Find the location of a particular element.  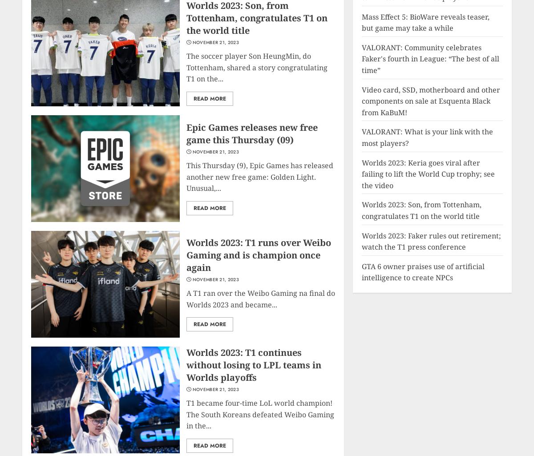

'Worlds 2023: T1 continues without losing to LPL teams in Worlds playoffs' is located at coordinates (186, 364).